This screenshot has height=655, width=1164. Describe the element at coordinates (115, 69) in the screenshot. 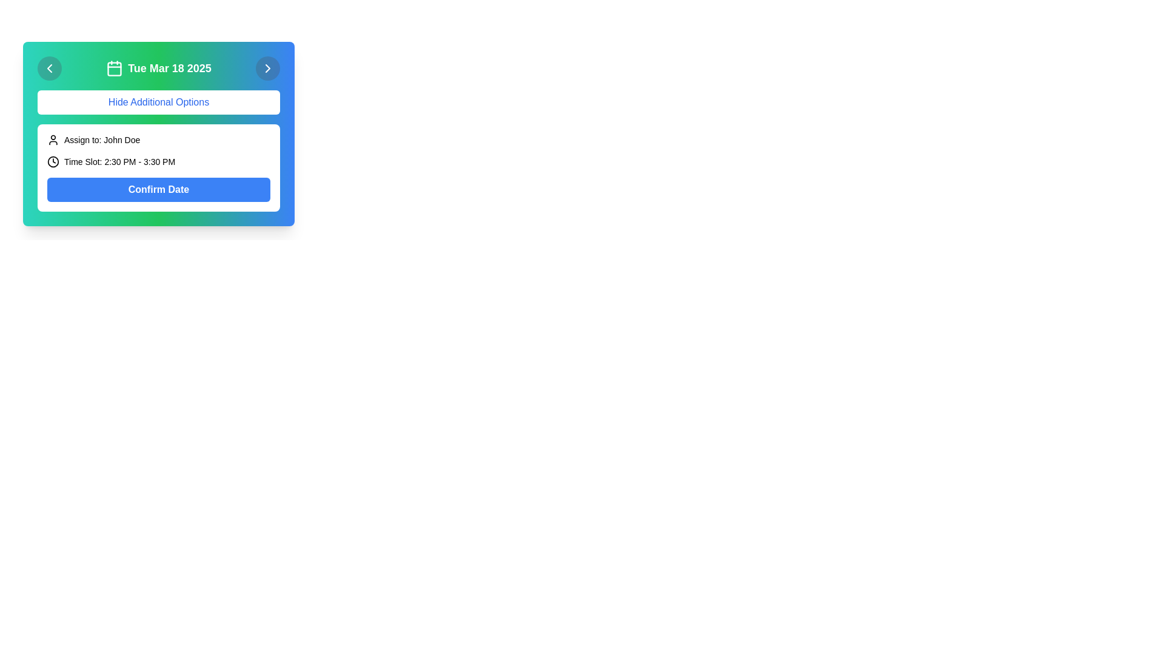

I see `the larger filled rectangle that is part of the calendar icon, located to the left of the 'Tue Mar 18 2025' text in the header section of the widget` at that location.